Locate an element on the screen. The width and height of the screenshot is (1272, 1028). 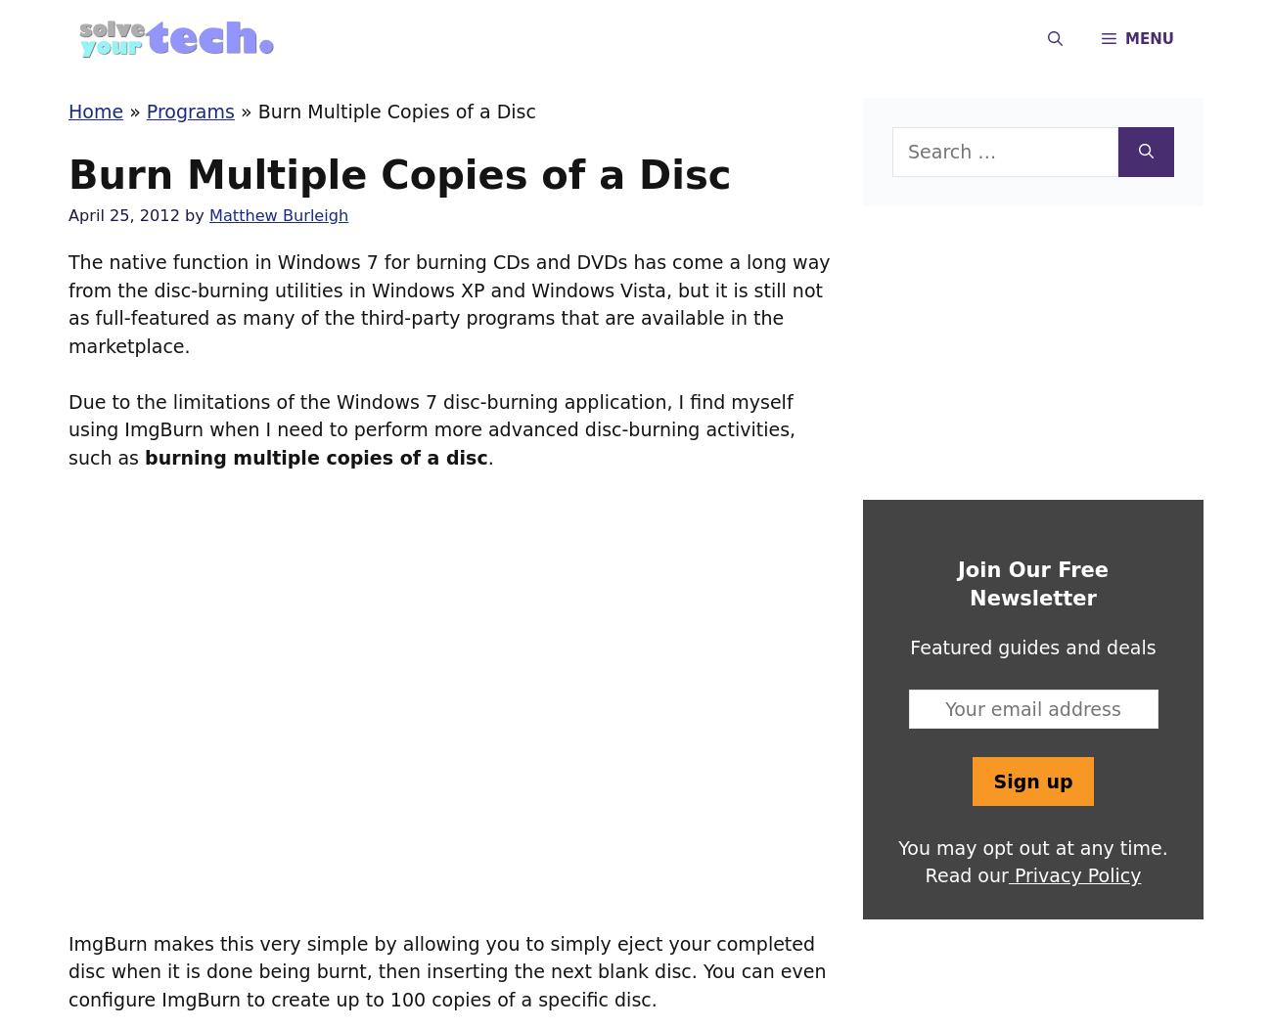
'ImgBurn makes this very simple by allowing you to simply eject your completed disc when it is done being burnt, then inserting the next blank disc. You can even configure ImgBurn to create up to 100 copies of a specific disc.' is located at coordinates (68, 970).